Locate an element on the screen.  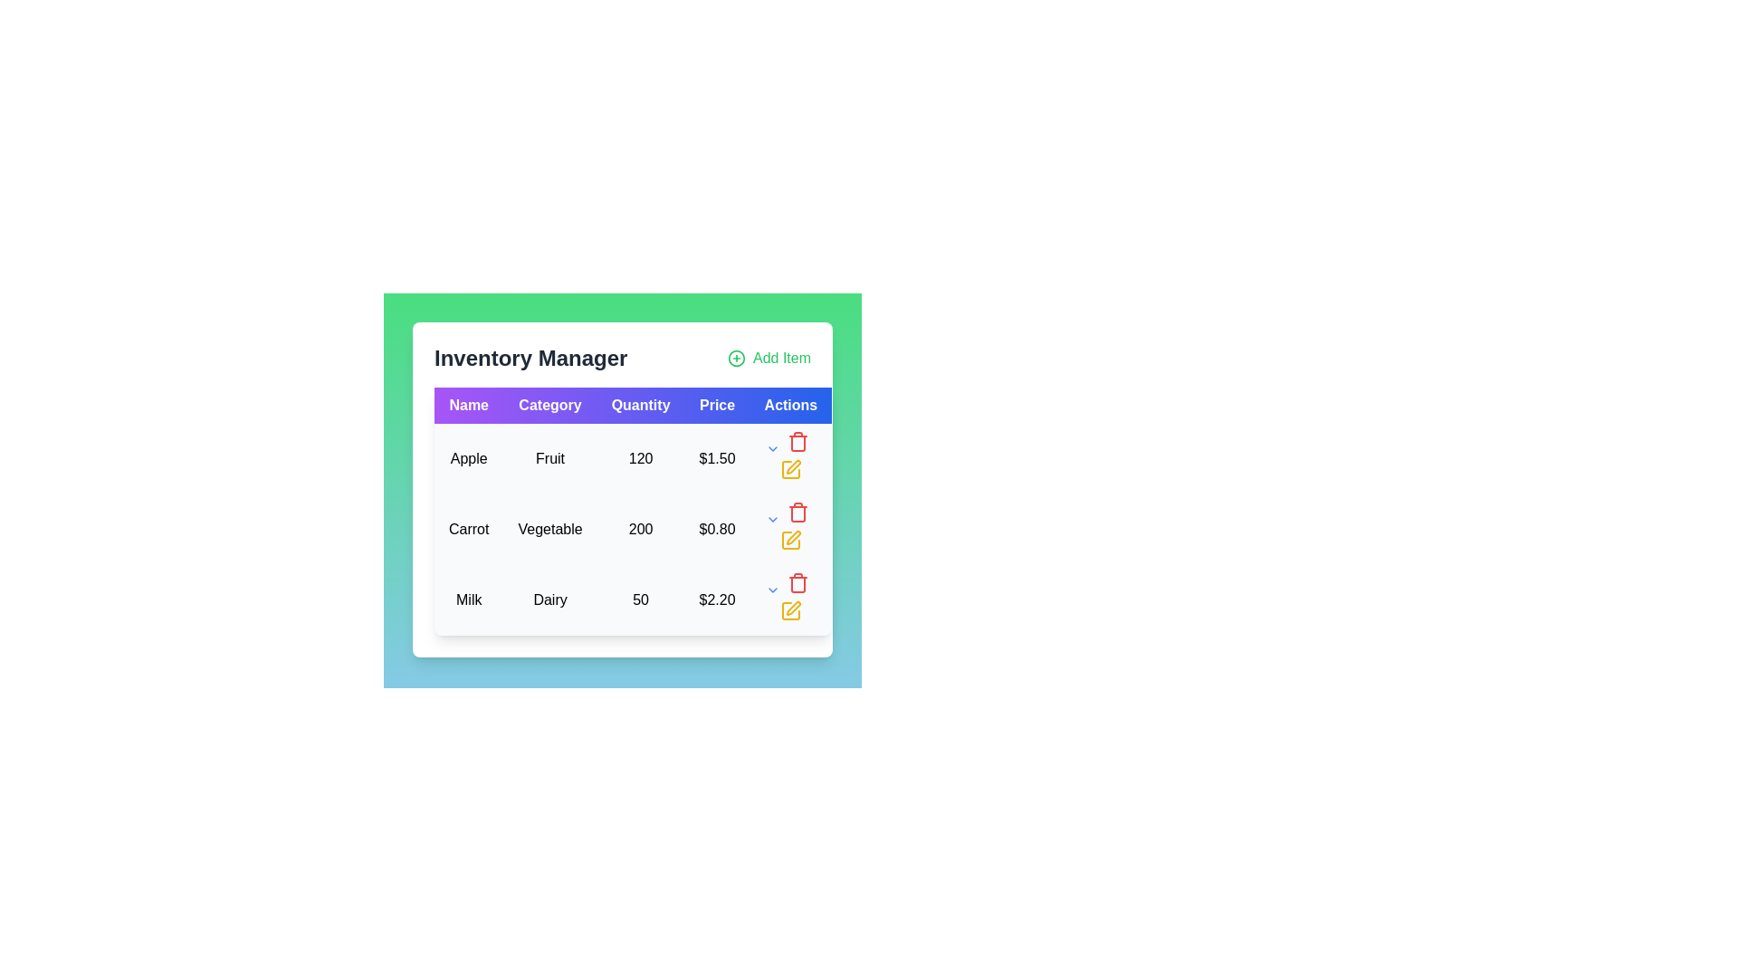
the square-shaped icon in the 'Actions' column of the third row next to the 'Milk' entry is located at coordinates (790, 469).